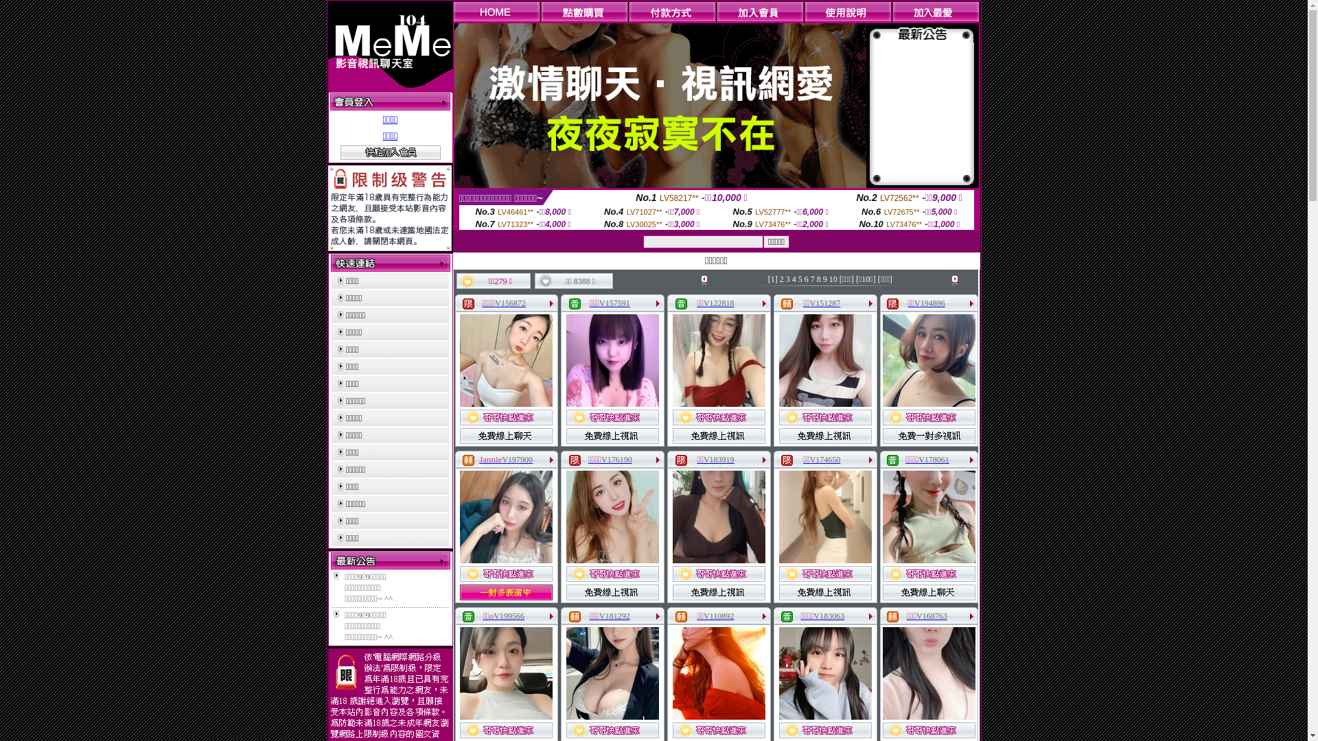  I want to click on 'Jannie', so click(490, 460).